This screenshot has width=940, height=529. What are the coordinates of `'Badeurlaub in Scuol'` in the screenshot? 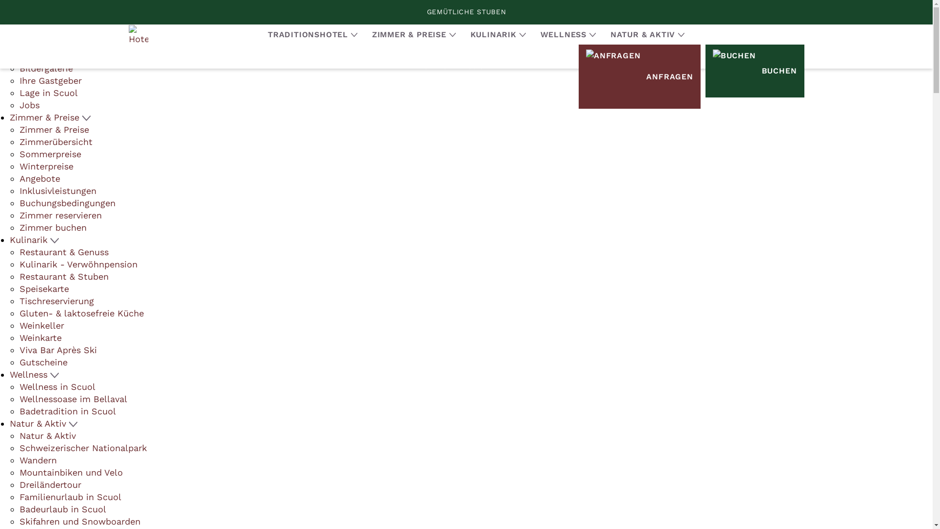 It's located at (62, 508).